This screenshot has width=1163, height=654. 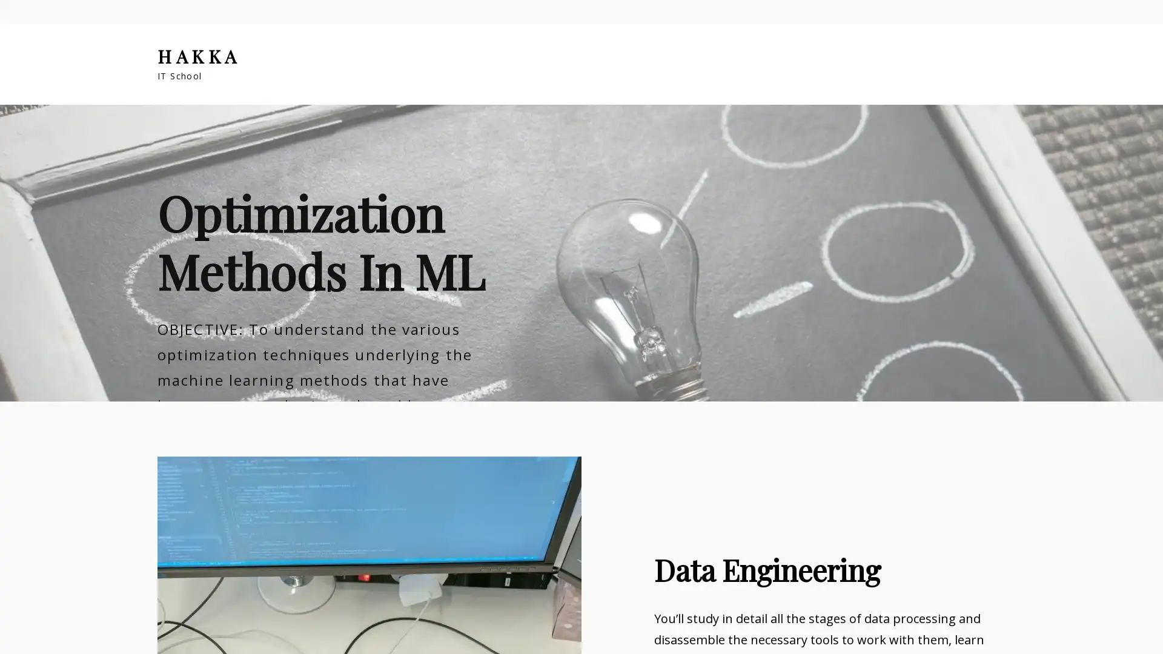 What do you see at coordinates (1143, 328) in the screenshot?
I see `Next` at bounding box center [1143, 328].